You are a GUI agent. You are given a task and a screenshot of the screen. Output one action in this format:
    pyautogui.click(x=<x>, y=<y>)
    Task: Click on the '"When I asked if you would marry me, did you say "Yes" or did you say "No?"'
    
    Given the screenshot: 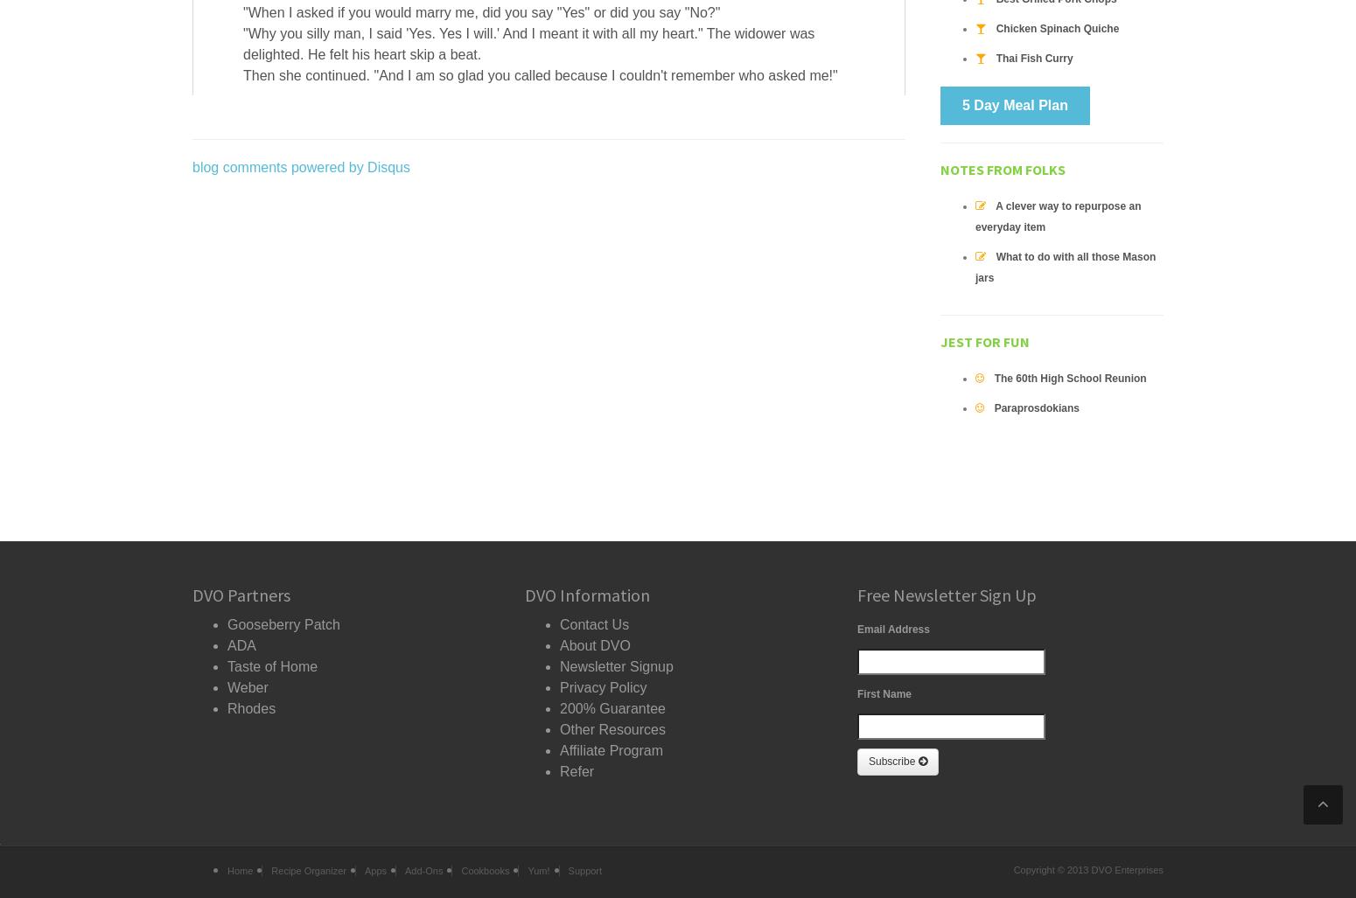 What is the action you would take?
    pyautogui.click(x=481, y=12)
    